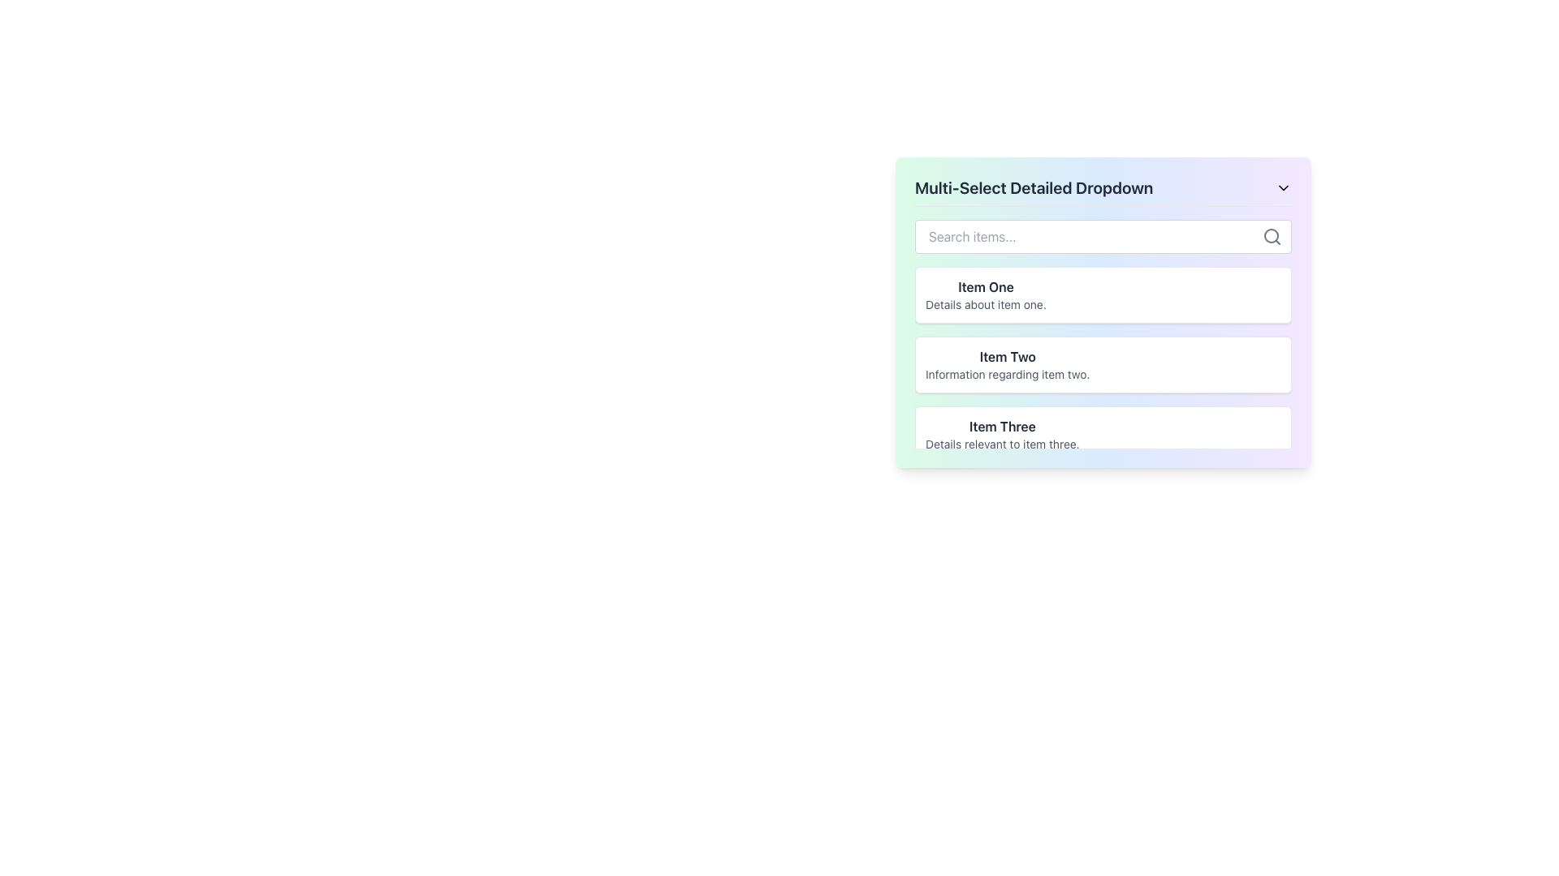 Image resolution: width=1559 pixels, height=876 pixels. I want to click on the 'Multi-Select Detailed Dropdown', so click(1103, 312).